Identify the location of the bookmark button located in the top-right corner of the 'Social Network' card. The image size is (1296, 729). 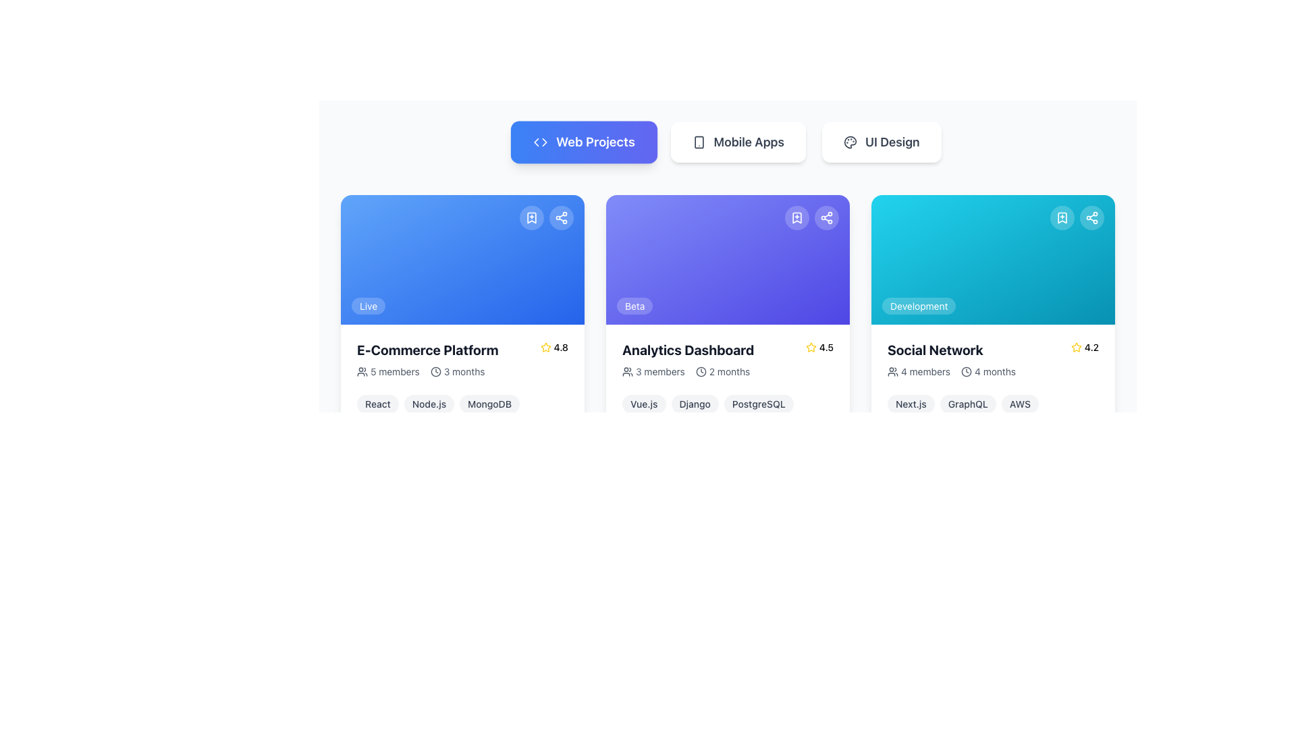
(1077, 217).